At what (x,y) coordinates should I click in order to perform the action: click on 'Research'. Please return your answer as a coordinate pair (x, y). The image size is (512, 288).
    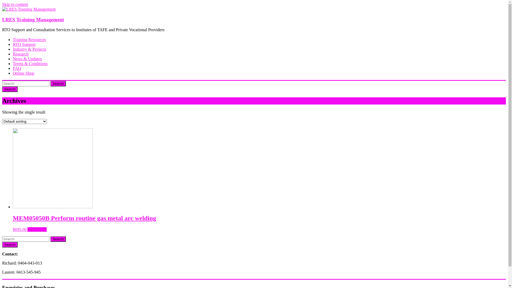
    Looking at the image, I should click on (21, 54).